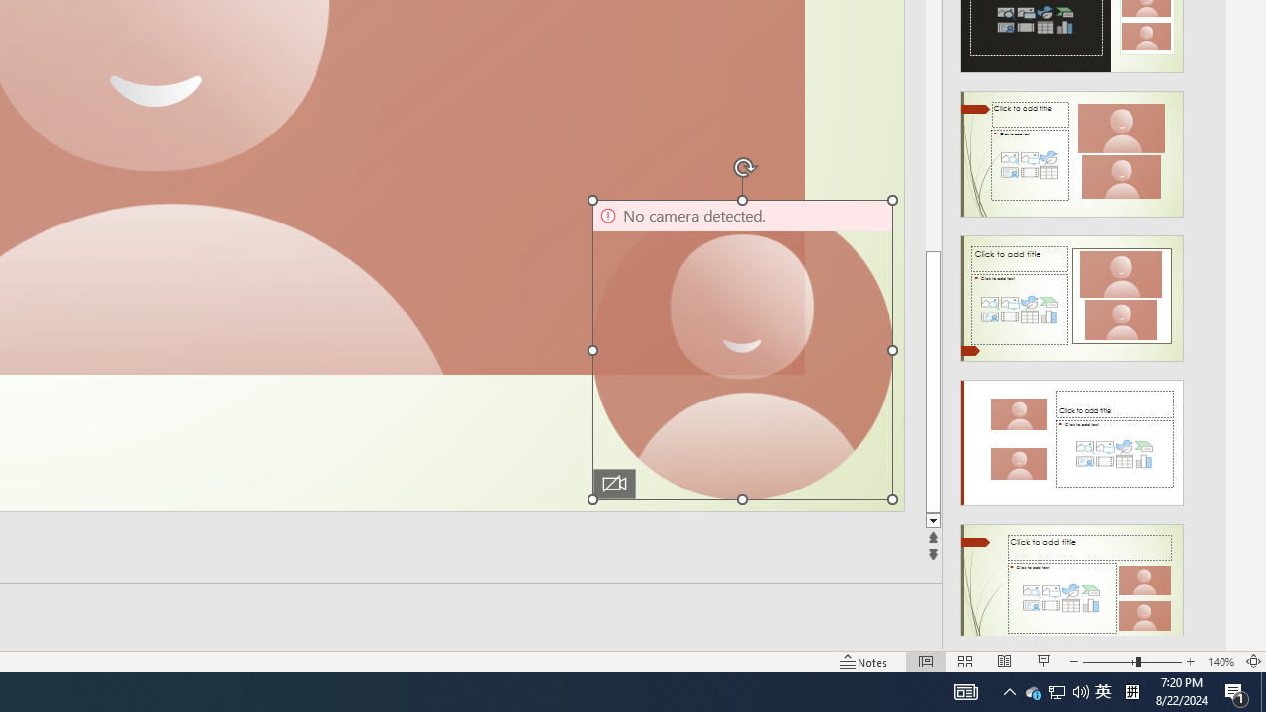 The height and width of the screenshot is (712, 1266). What do you see at coordinates (1131, 662) in the screenshot?
I see `'Zoom'` at bounding box center [1131, 662].